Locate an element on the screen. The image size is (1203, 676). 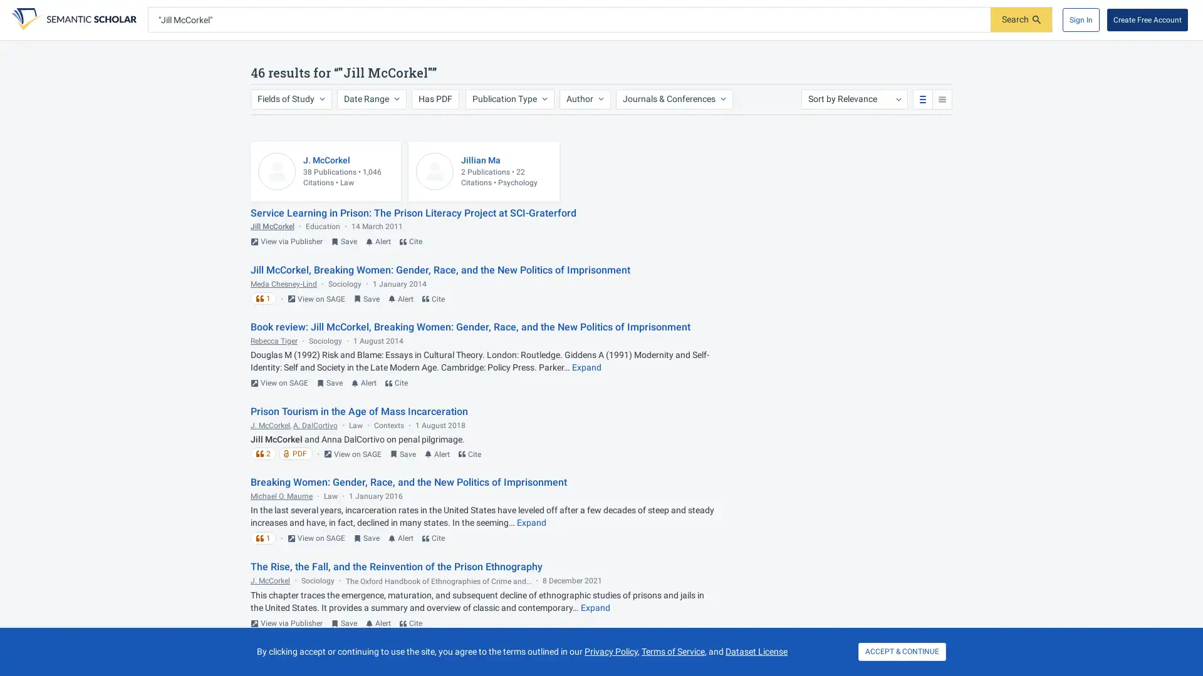
Save to Library is located at coordinates (403, 454).